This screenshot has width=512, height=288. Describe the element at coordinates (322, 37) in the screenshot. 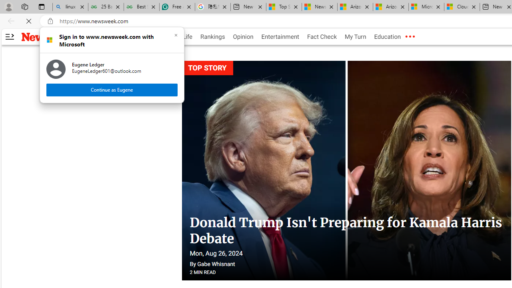

I see `'Fact Check'` at that location.